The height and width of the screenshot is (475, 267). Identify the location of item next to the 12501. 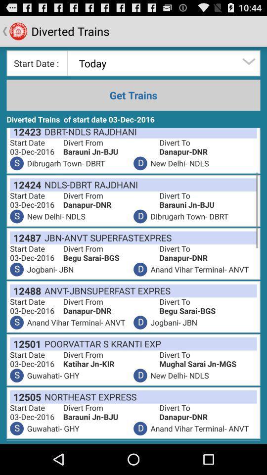
(100, 343).